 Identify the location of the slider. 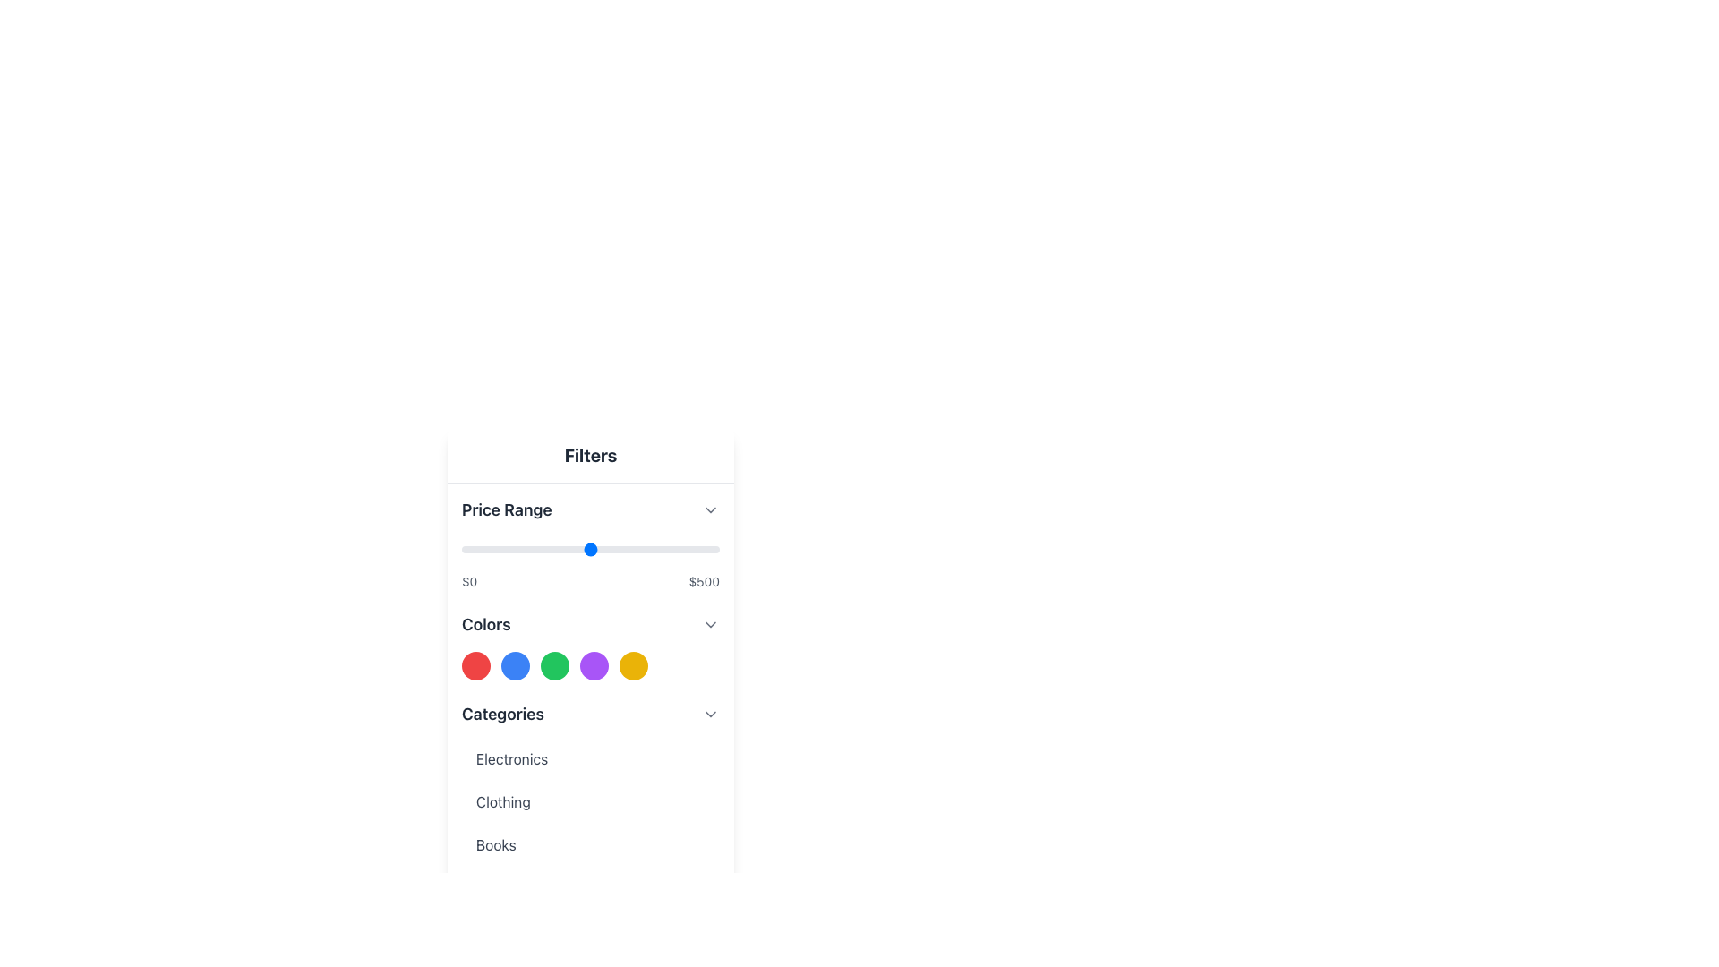
(654, 548).